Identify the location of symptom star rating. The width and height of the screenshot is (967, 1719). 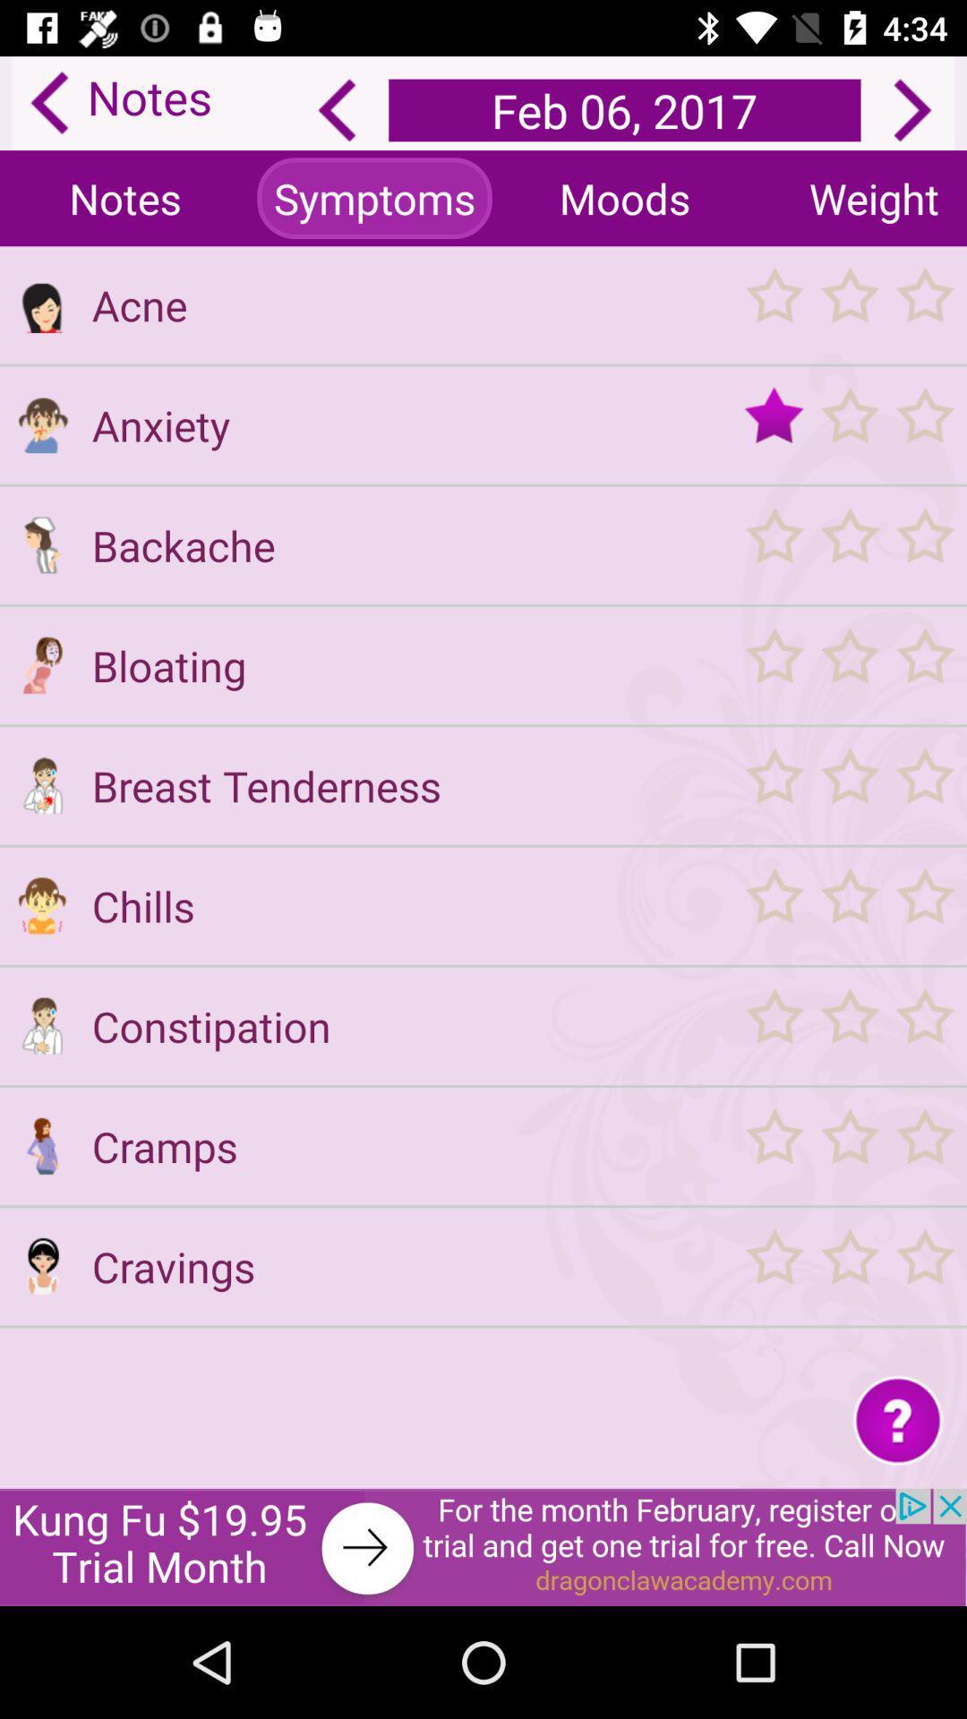
(848, 423).